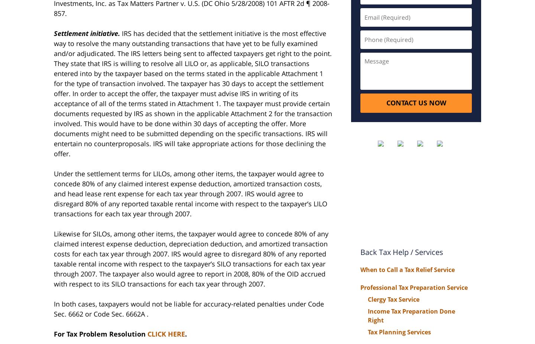 This screenshot has width=535, height=344. I want to click on '.', so click(185, 334).